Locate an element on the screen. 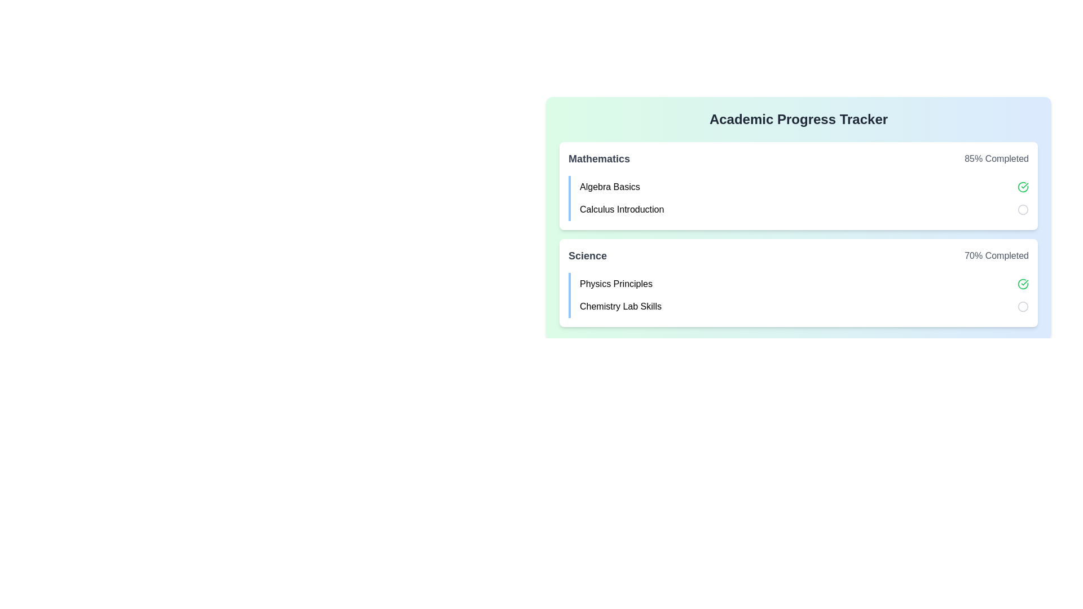  keyboard navigation is located at coordinates (1023, 284).